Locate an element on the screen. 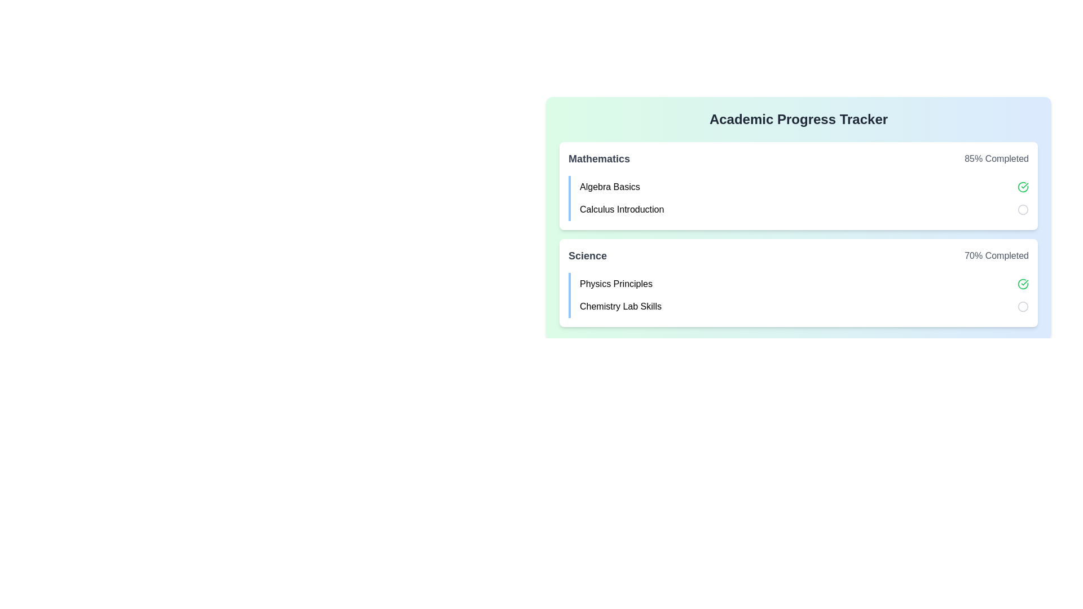  keyboard navigation is located at coordinates (1023, 284).